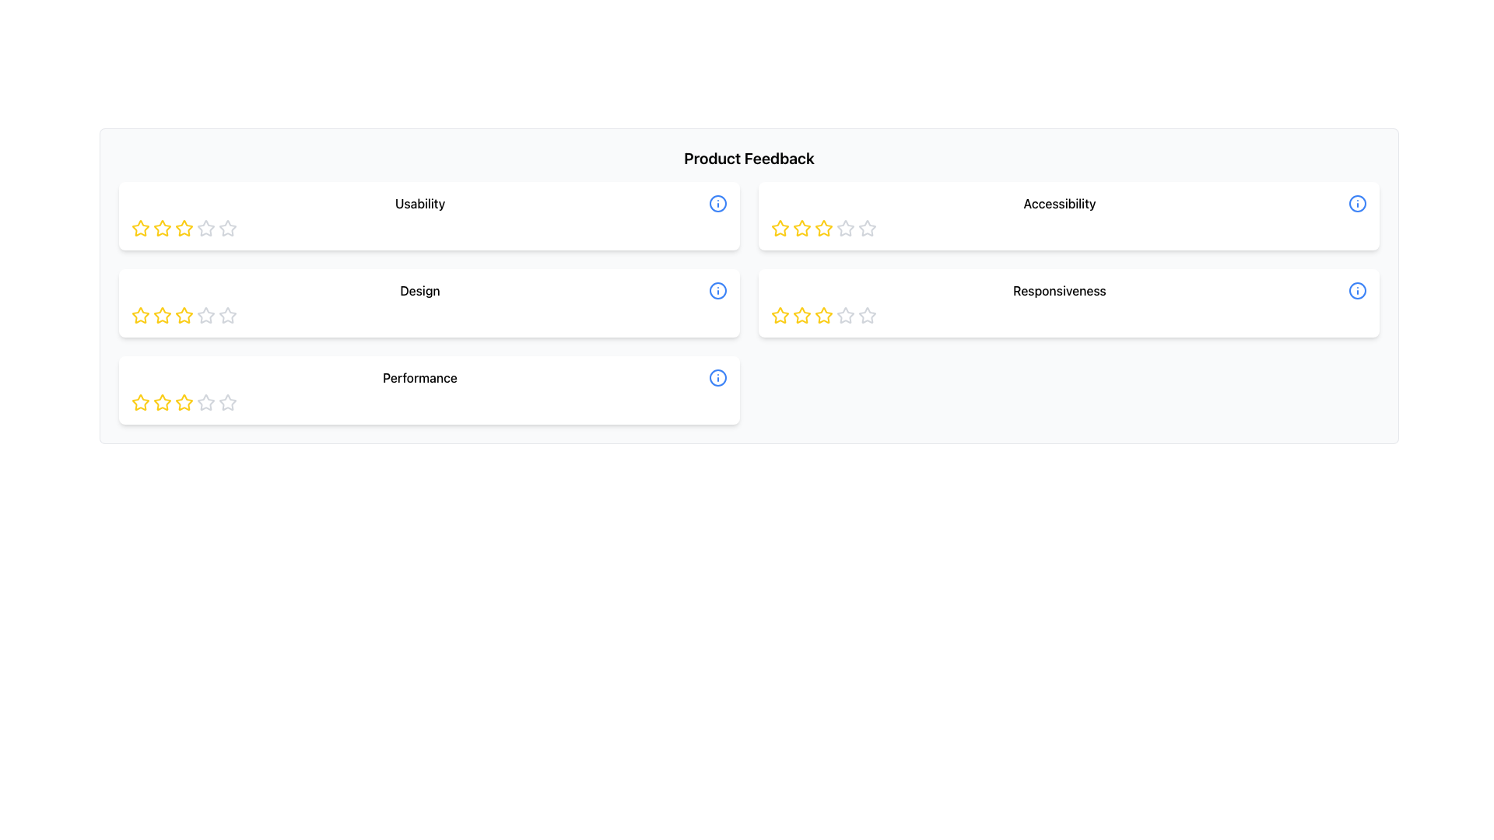  What do you see at coordinates (822, 228) in the screenshot?
I see `the second star icon in the 'Accessibility' rating system` at bounding box center [822, 228].